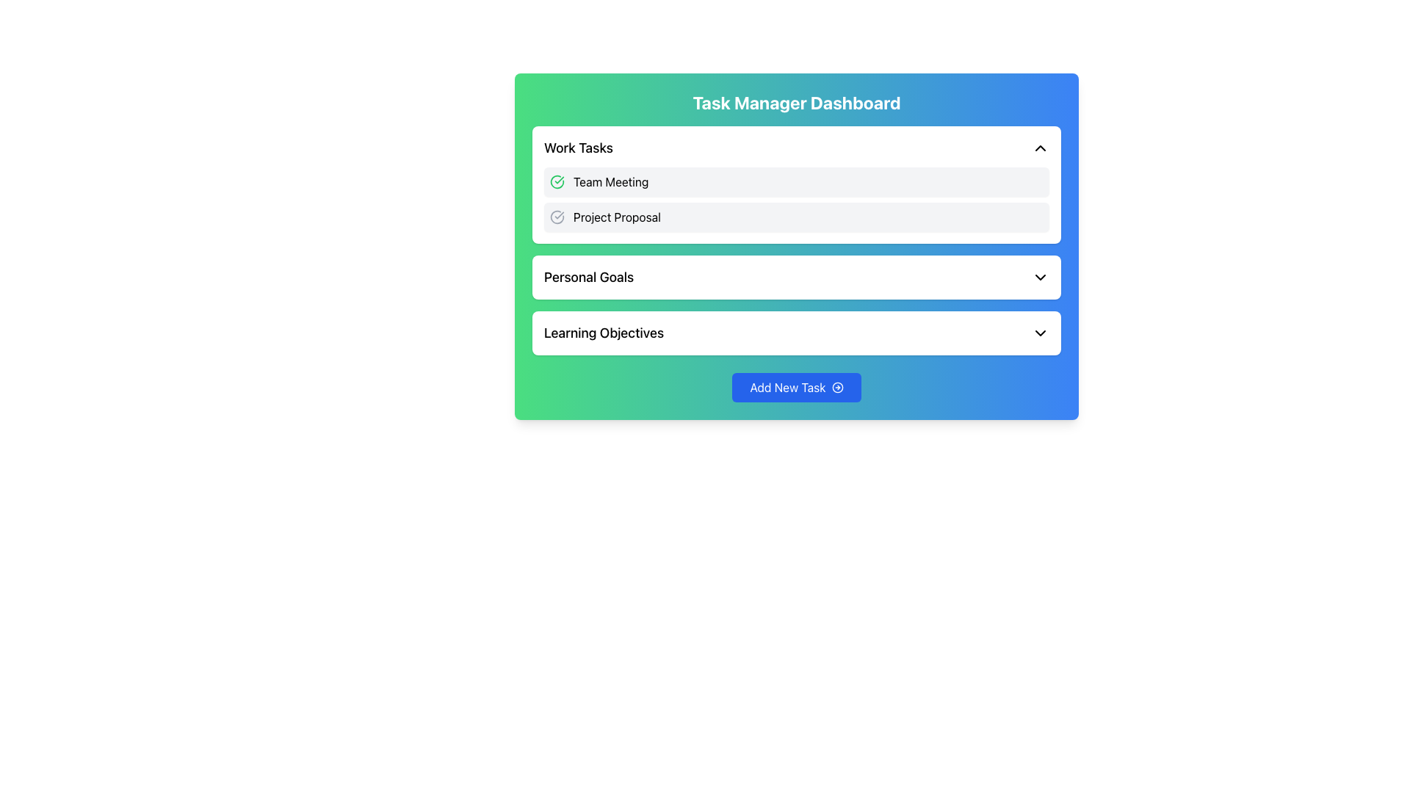 The width and height of the screenshot is (1410, 793). Describe the element at coordinates (837, 387) in the screenshot. I see `the circular SVG icon located inside the rightward arrow icon, which is positioned to the right of the 'Add New Task' button at the bottom of the task manager dashboard` at that location.